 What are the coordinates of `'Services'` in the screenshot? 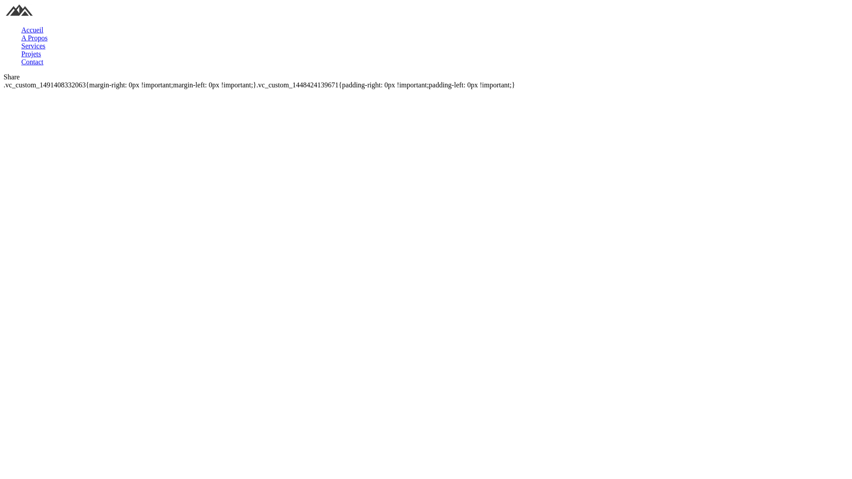 It's located at (33, 46).